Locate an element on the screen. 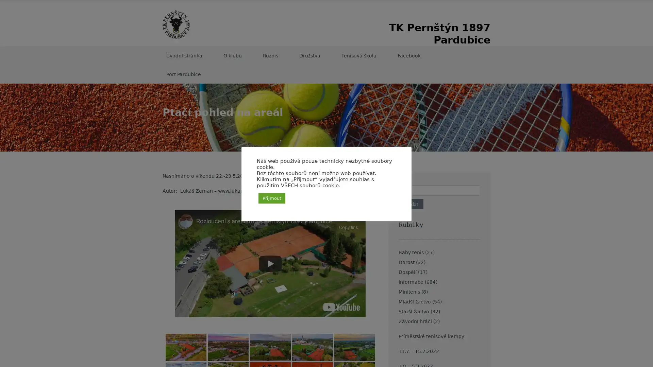  Hledat is located at coordinates (411, 204).